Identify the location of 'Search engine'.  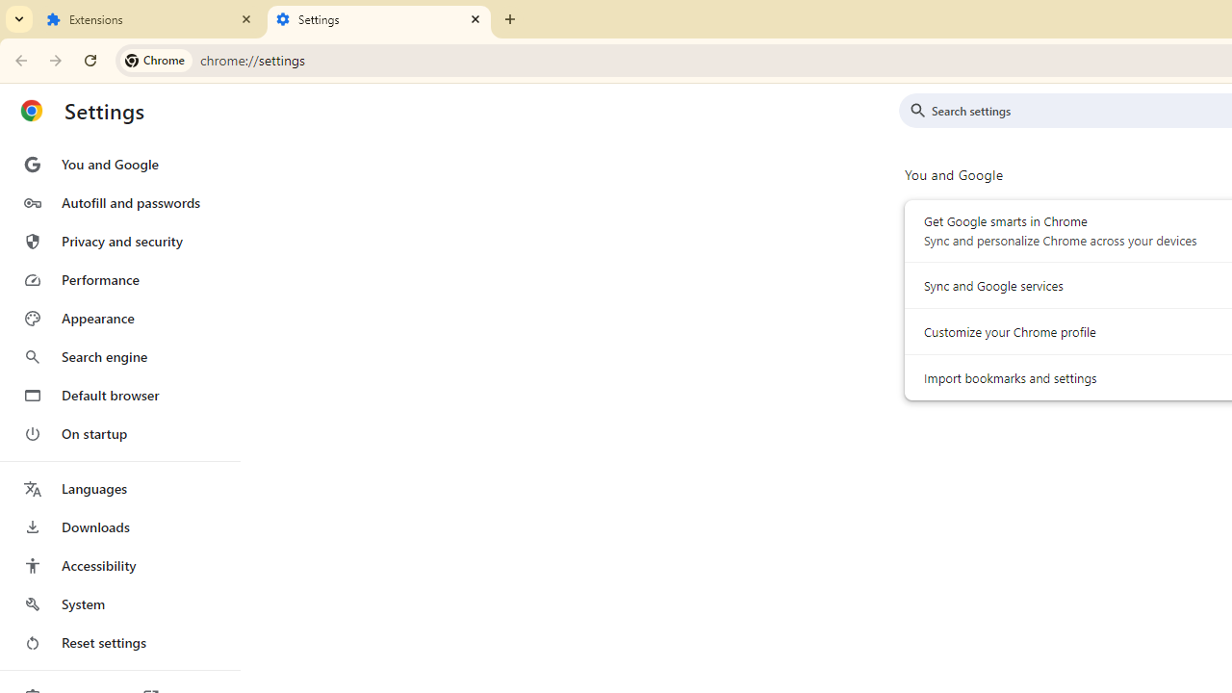
(118, 357).